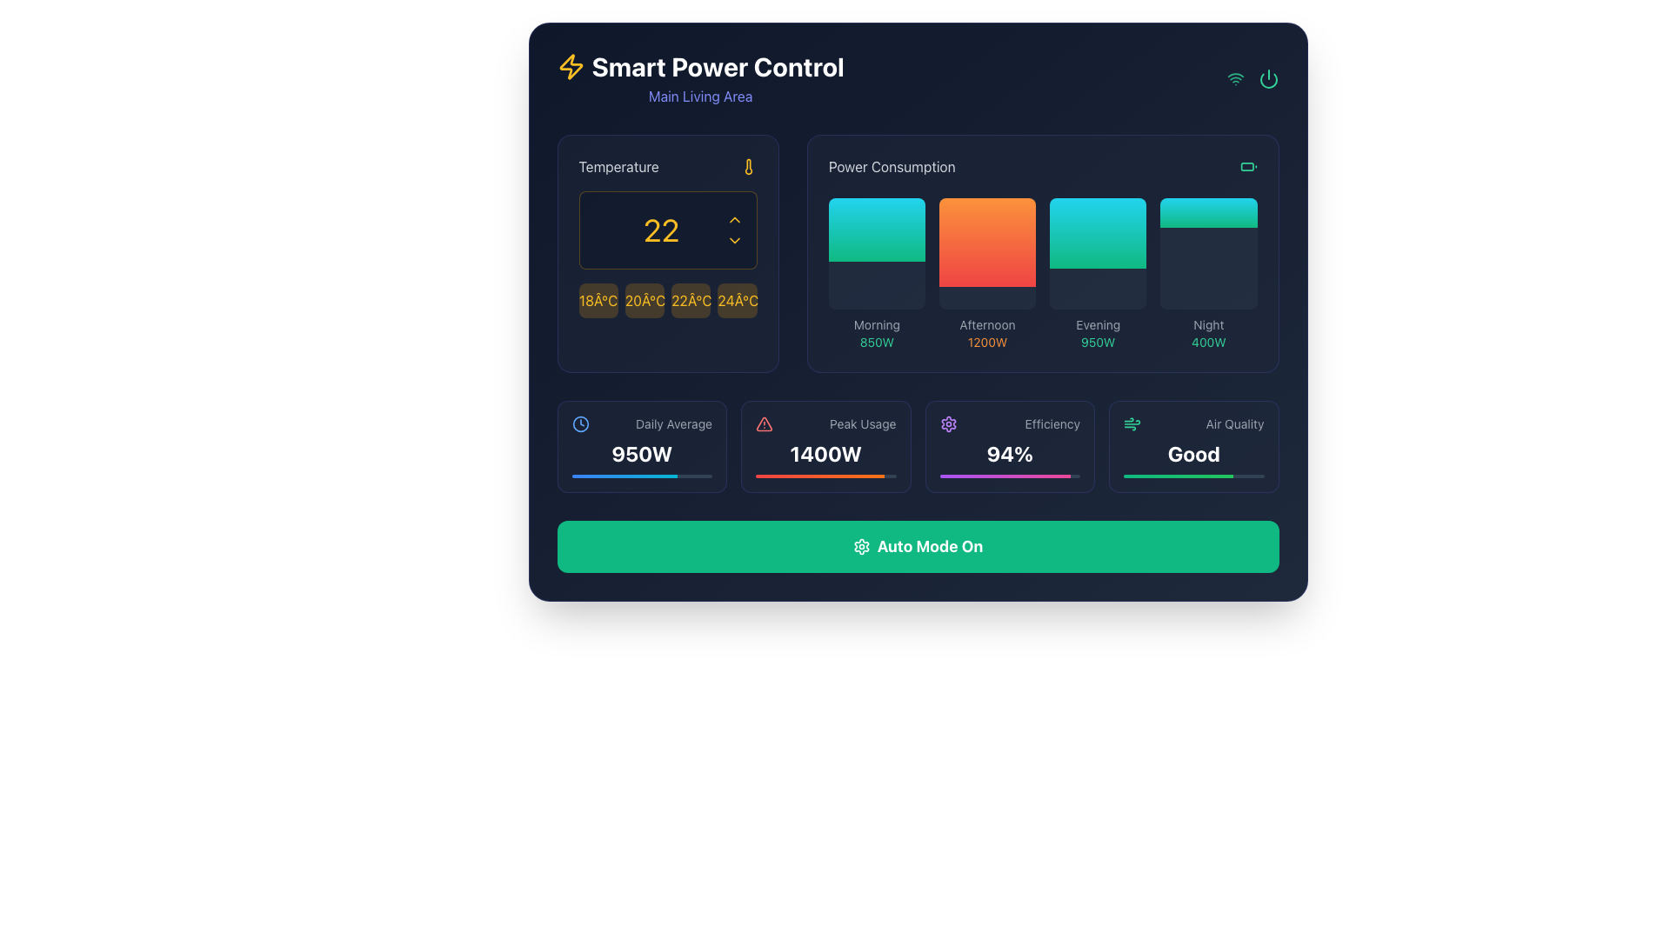 Image resolution: width=1670 pixels, height=939 pixels. I want to click on the static text label that provides context for the daily average power consumption value, located above the '950W' reading in the bottom-left quadrant of the interface, so click(673, 424).